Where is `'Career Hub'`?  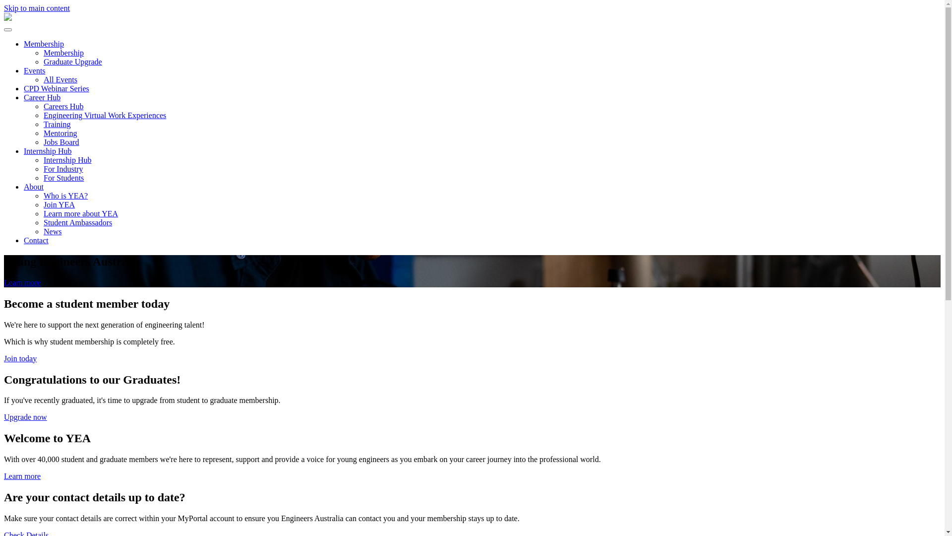 'Career Hub' is located at coordinates (42, 97).